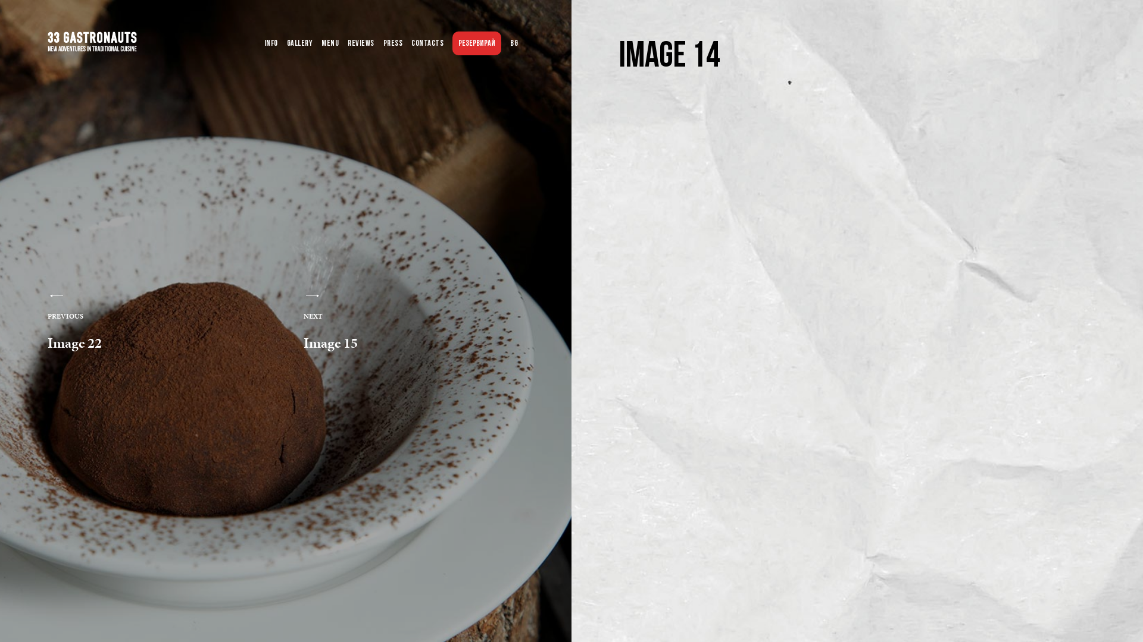 Image resolution: width=1143 pixels, height=642 pixels. What do you see at coordinates (411, 43) in the screenshot?
I see `'Contacts'` at bounding box center [411, 43].